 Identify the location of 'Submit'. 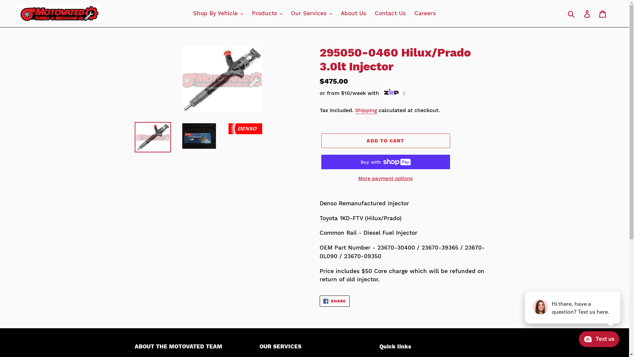
(571, 14).